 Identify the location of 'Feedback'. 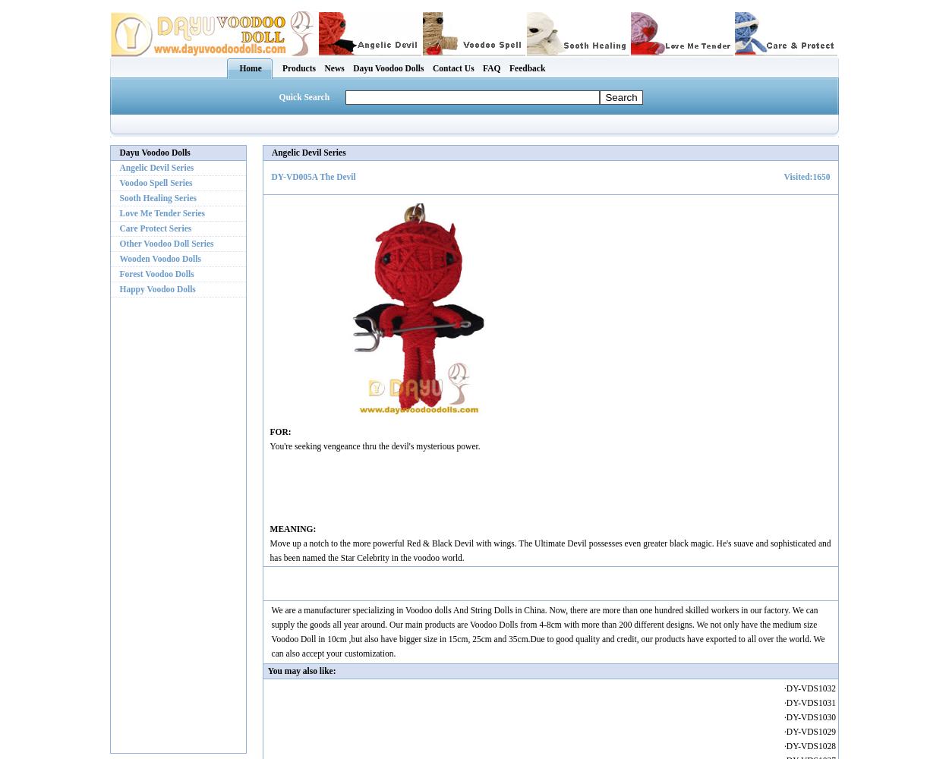
(526, 67).